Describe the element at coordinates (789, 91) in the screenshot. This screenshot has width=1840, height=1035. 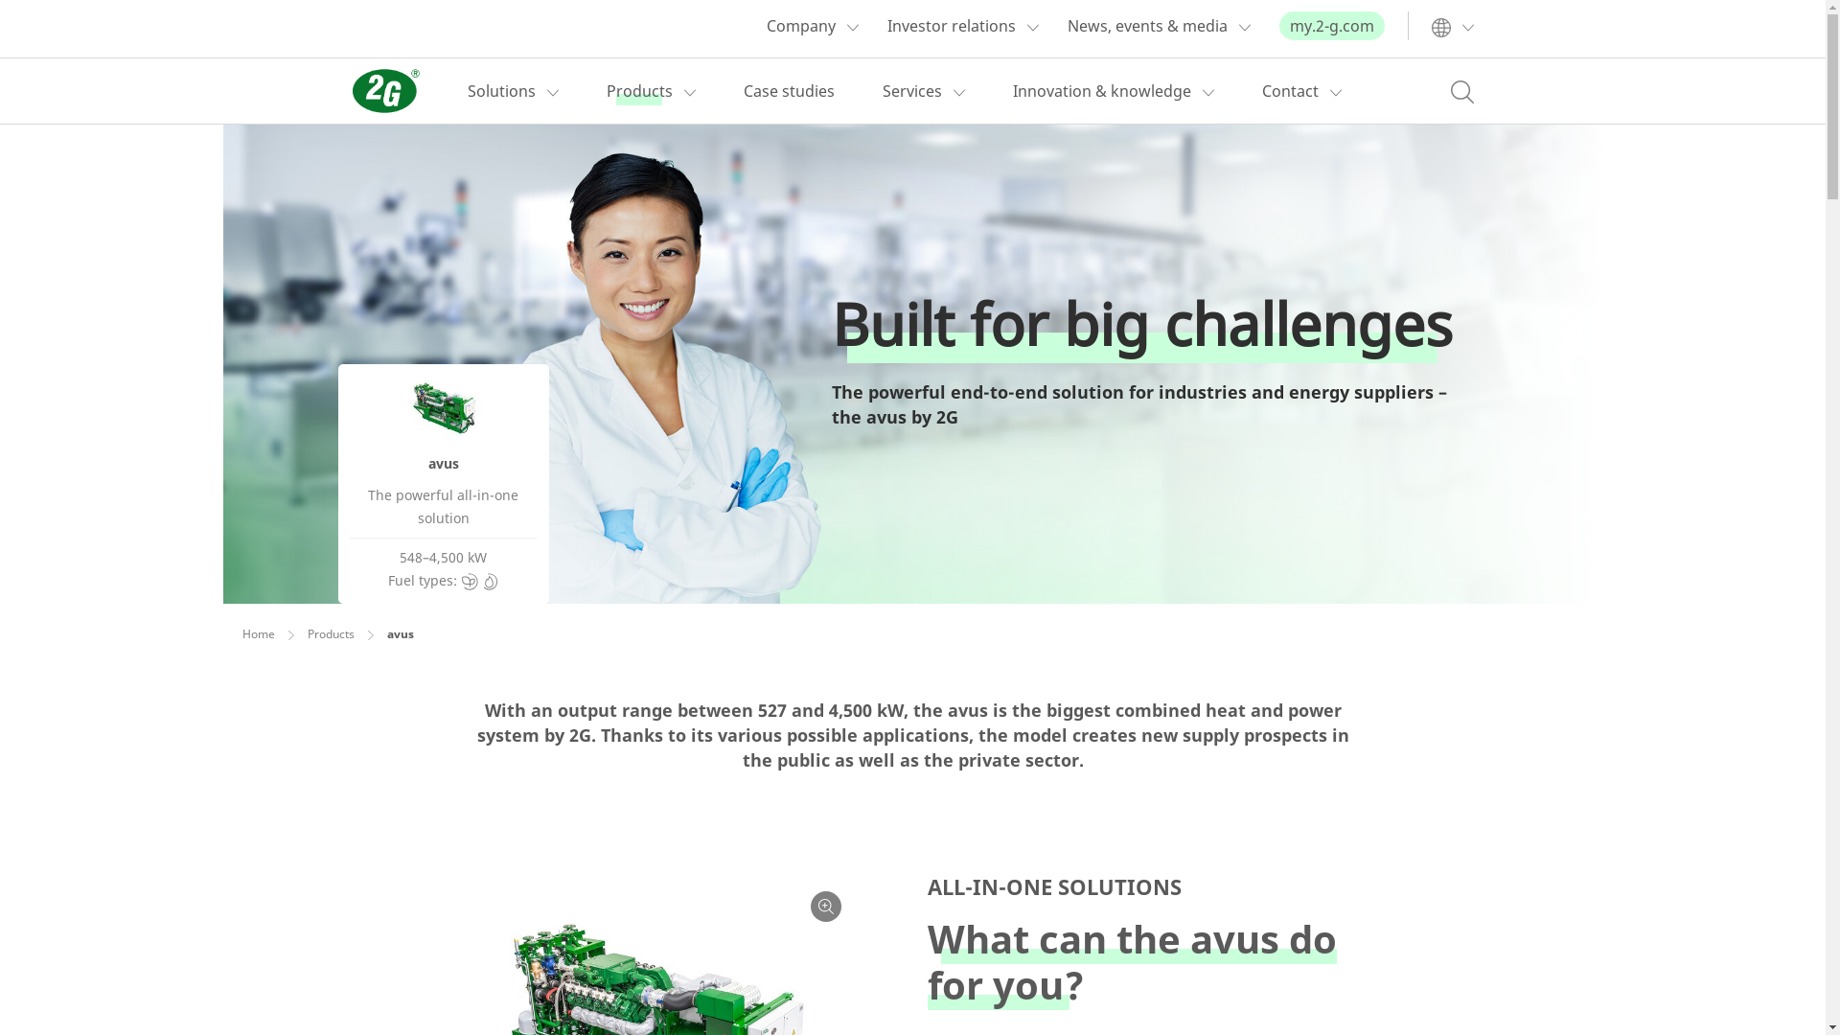
I see `'Case studies'` at that location.